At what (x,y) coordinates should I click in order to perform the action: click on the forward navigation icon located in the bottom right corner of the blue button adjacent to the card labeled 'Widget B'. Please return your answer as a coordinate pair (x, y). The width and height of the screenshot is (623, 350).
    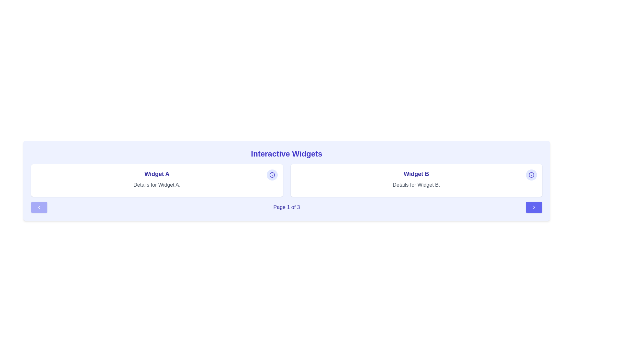
    Looking at the image, I should click on (534, 207).